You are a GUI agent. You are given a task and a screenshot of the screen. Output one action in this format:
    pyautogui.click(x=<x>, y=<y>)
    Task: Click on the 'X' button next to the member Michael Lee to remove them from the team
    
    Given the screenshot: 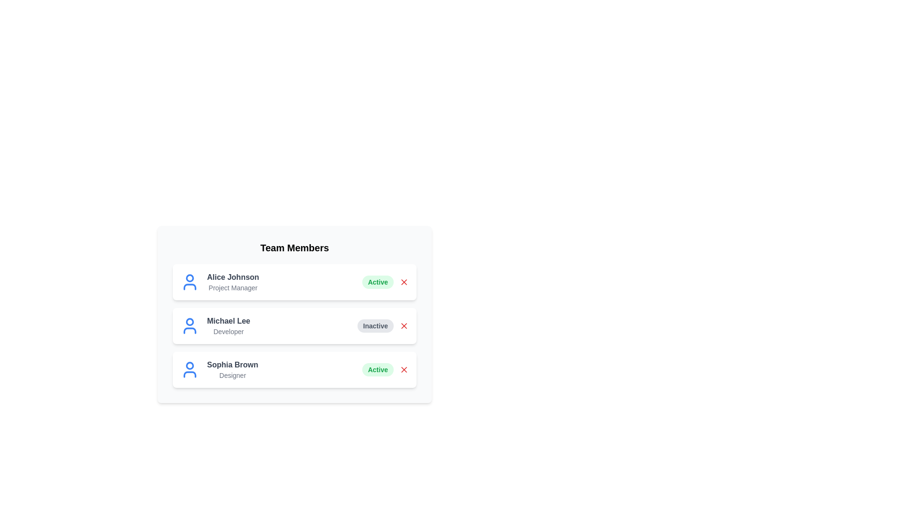 What is the action you would take?
    pyautogui.click(x=404, y=326)
    